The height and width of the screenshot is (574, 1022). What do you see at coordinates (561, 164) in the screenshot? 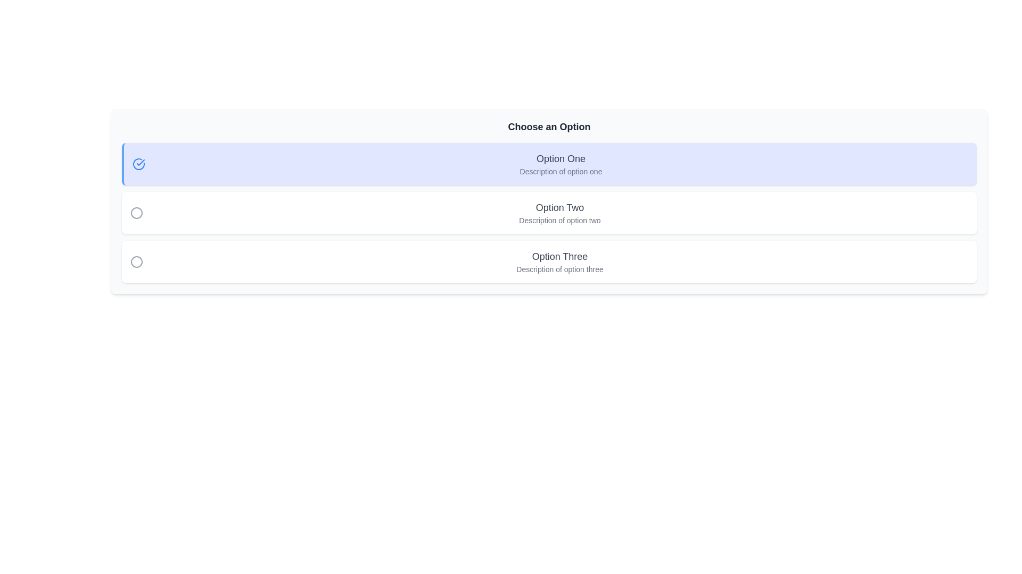
I see `the first interactive list item titled 'Option One' with the subtitle 'Description of option one'` at bounding box center [561, 164].